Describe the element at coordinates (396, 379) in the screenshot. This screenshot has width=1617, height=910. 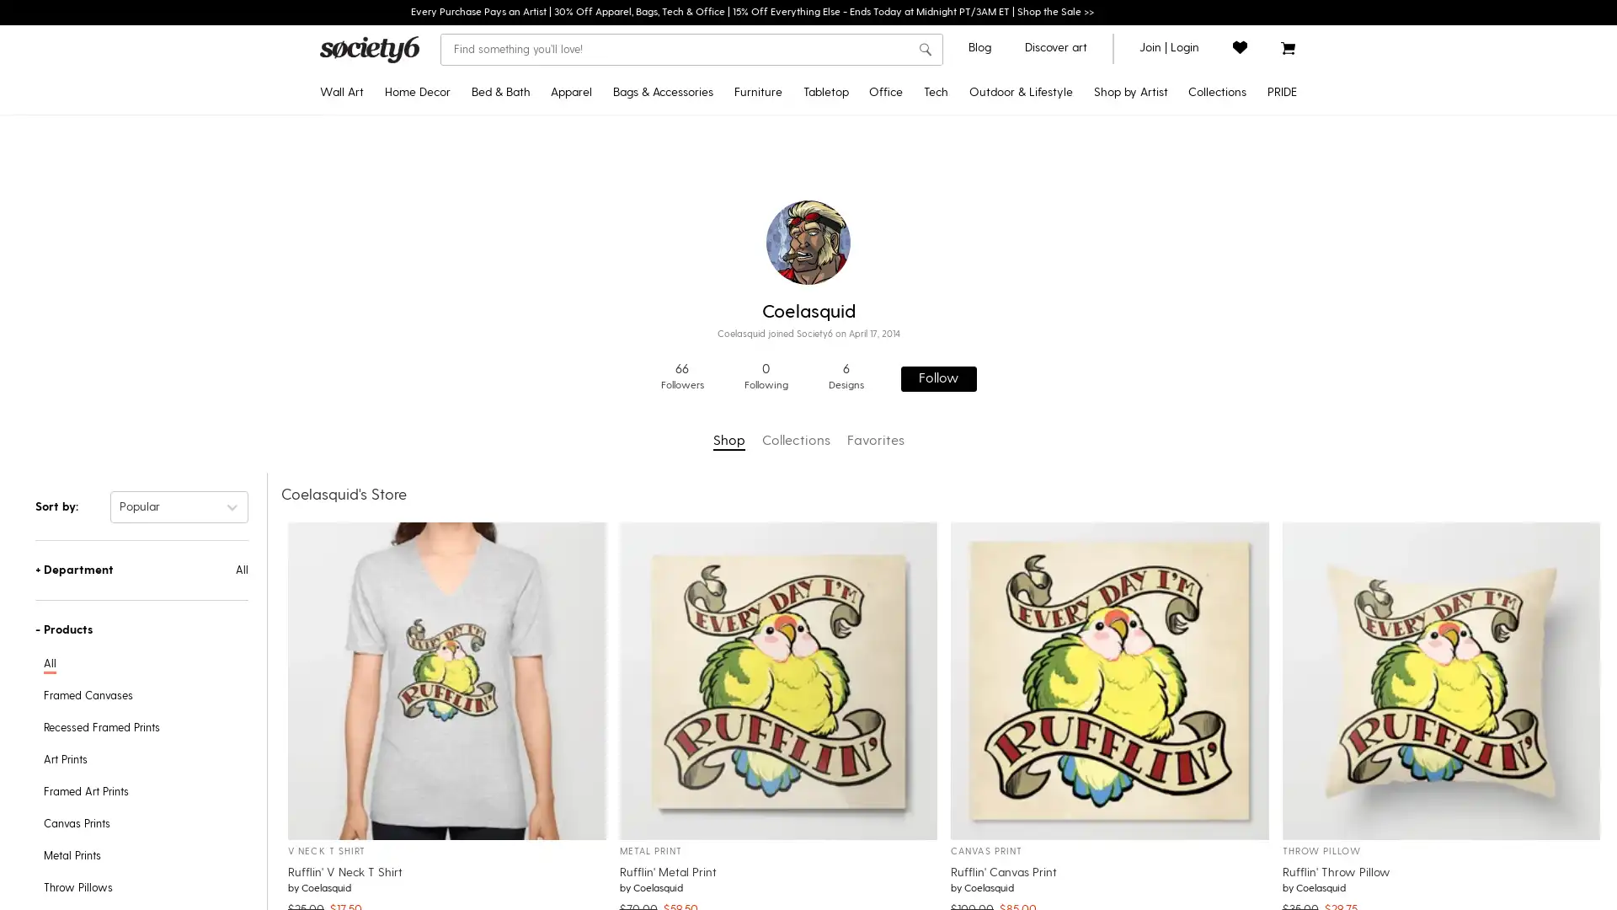
I see `Wall Hangings` at that location.